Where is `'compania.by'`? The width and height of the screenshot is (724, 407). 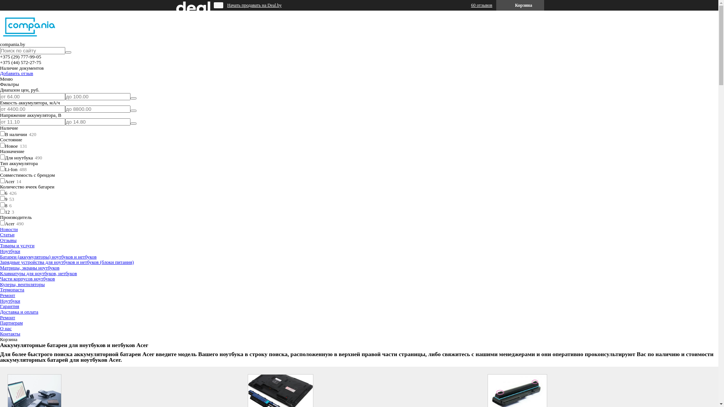 'compania.by' is located at coordinates (29, 38).